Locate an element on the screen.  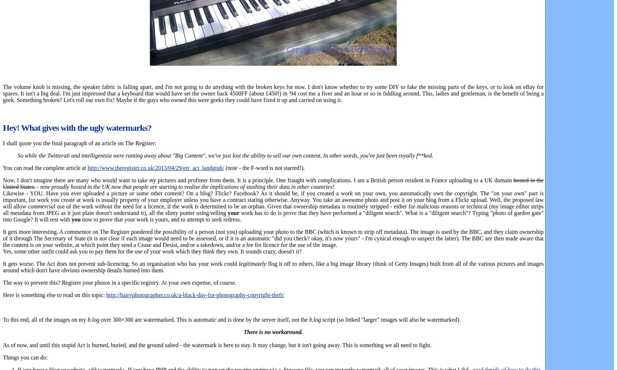
'now to prove that your work is yours, and to attempt to seek redress.' is located at coordinates (161, 219).